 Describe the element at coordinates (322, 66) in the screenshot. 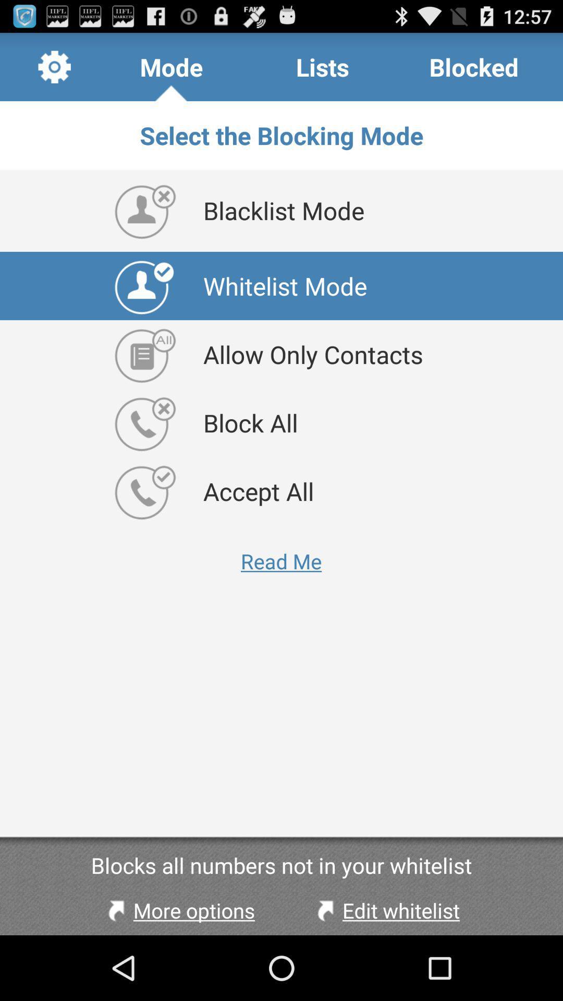

I see `the item next to the mode app` at that location.